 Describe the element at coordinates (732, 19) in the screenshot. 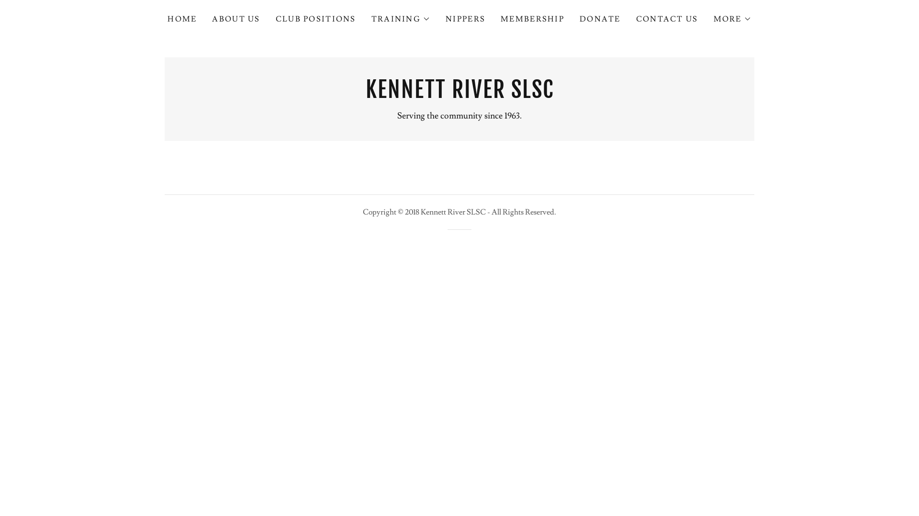

I see `'MORE'` at that location.